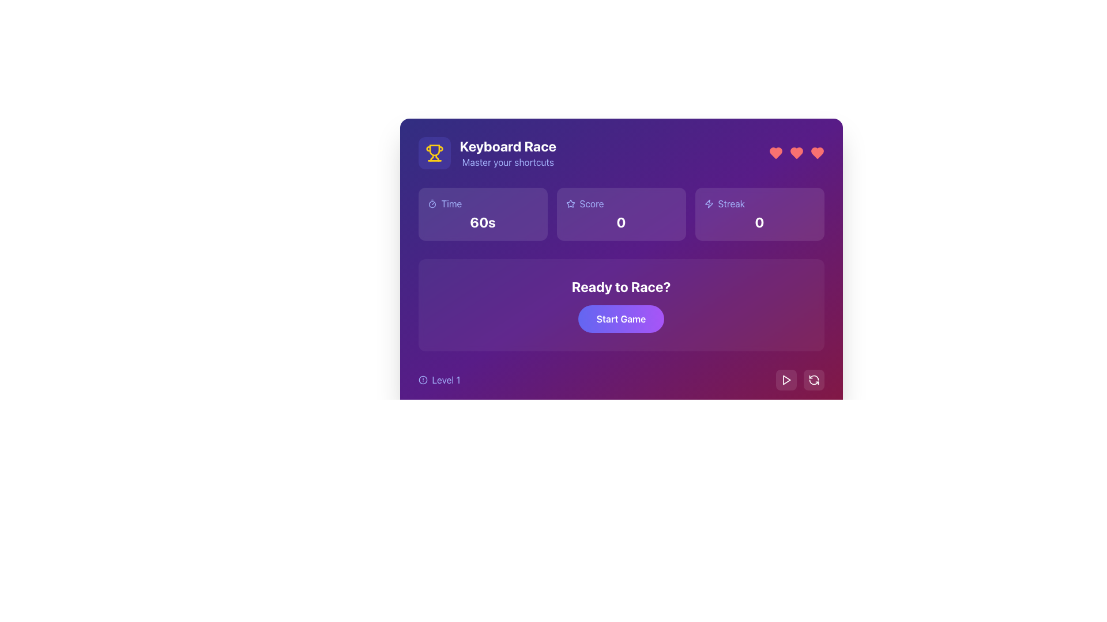 The image size is (1107, 622). What do you see at coordinates (708, 203) in the screenshot?
I see `the decorative icon indicating energy, speed, or activity located in the bottom-right corner of the interface` at bounding box center [708, 203].